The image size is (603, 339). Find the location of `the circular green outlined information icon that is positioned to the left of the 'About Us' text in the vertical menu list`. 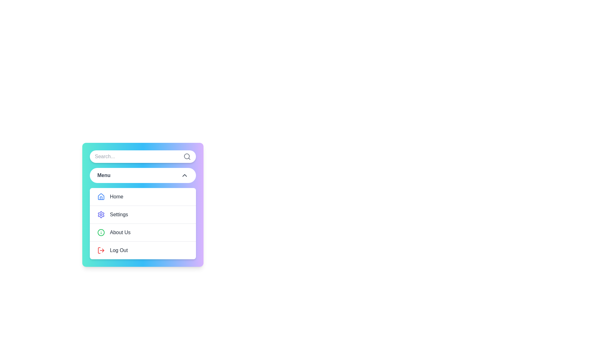

the circular green outlined information icon that is positioned to the left of the 'About Us' text in the vertical menu list is located at coordinates (101, 232).